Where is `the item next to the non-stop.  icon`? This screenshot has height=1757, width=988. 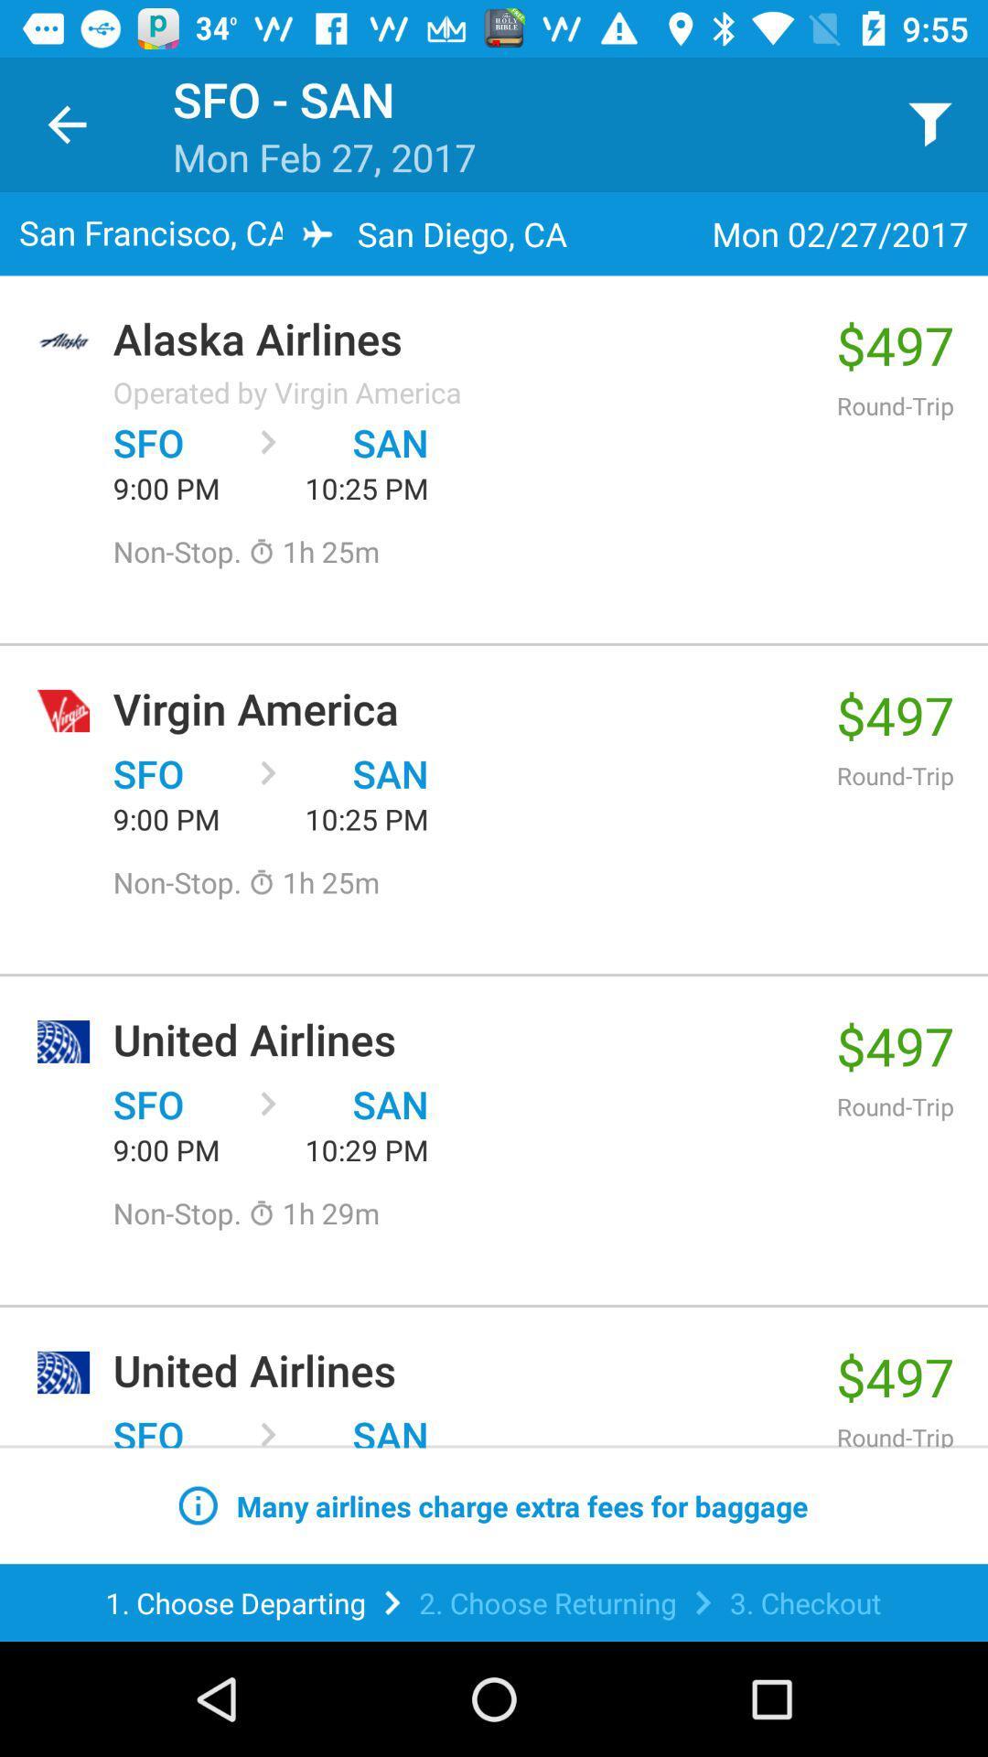
the item next to the non-stop.  icon is located at coordinates (313, 1213).